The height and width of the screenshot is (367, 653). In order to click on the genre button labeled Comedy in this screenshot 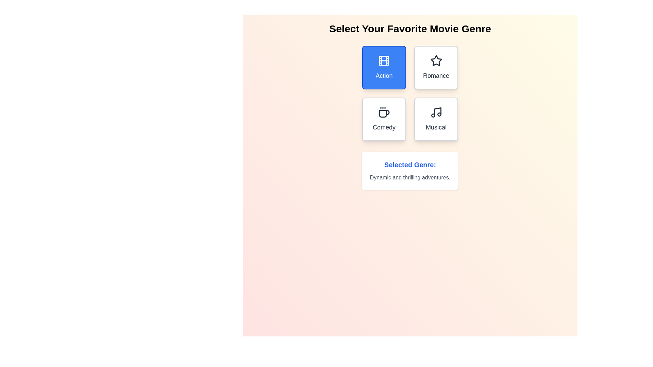, I will do `click(384, 119)`.